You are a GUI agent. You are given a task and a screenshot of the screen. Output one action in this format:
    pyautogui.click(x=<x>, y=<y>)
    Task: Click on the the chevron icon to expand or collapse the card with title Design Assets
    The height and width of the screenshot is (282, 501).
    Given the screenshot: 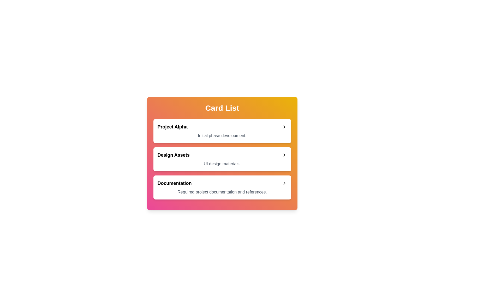 What is the action you would take?
    pyautogui.click(x=284, y=155)
    